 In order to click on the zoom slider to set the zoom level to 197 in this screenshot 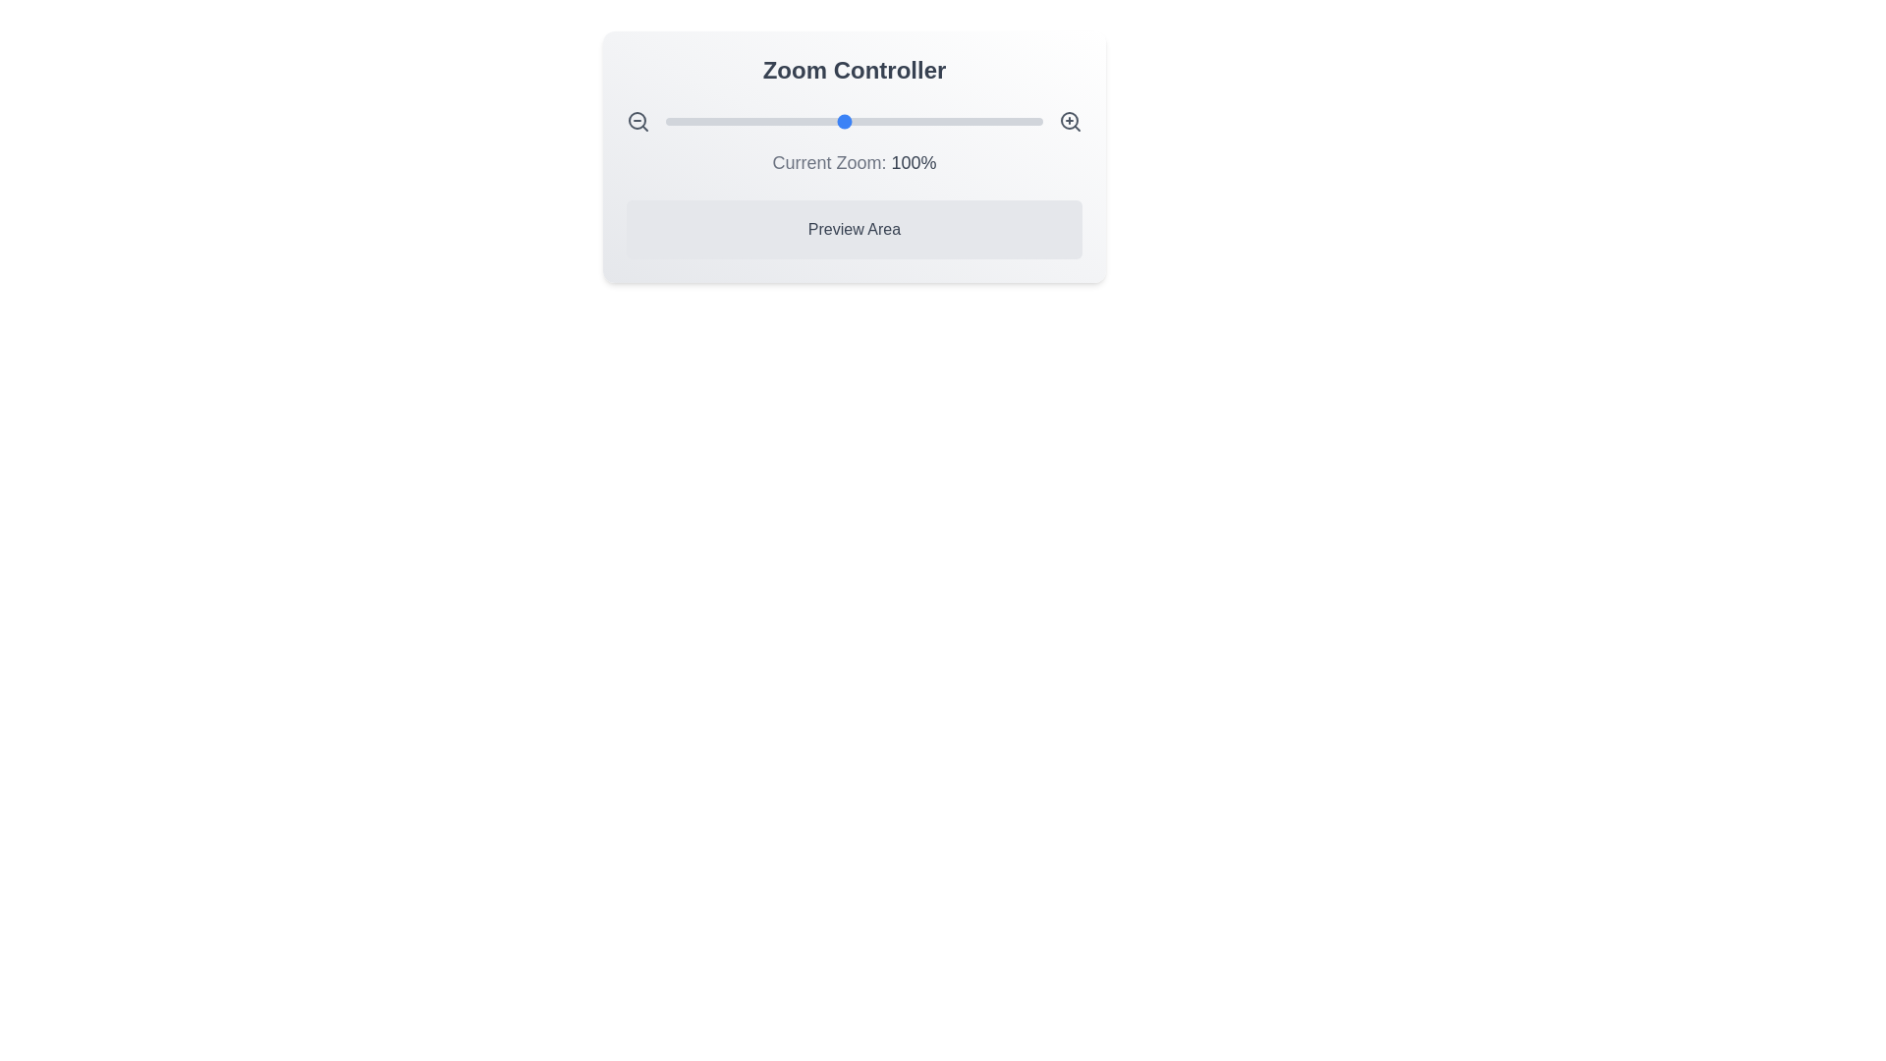, I will do `click(1036, 121)`.